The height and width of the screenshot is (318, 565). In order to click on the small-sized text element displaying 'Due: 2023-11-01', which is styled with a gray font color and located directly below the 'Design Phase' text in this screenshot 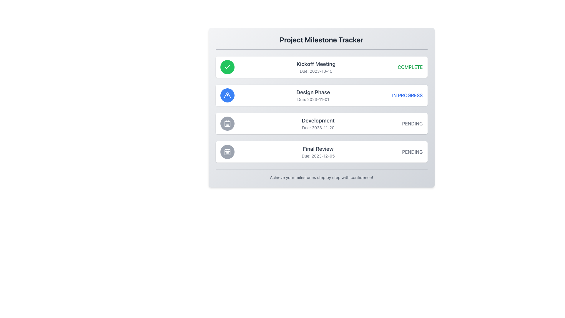, I will do `click(313, 99)`.